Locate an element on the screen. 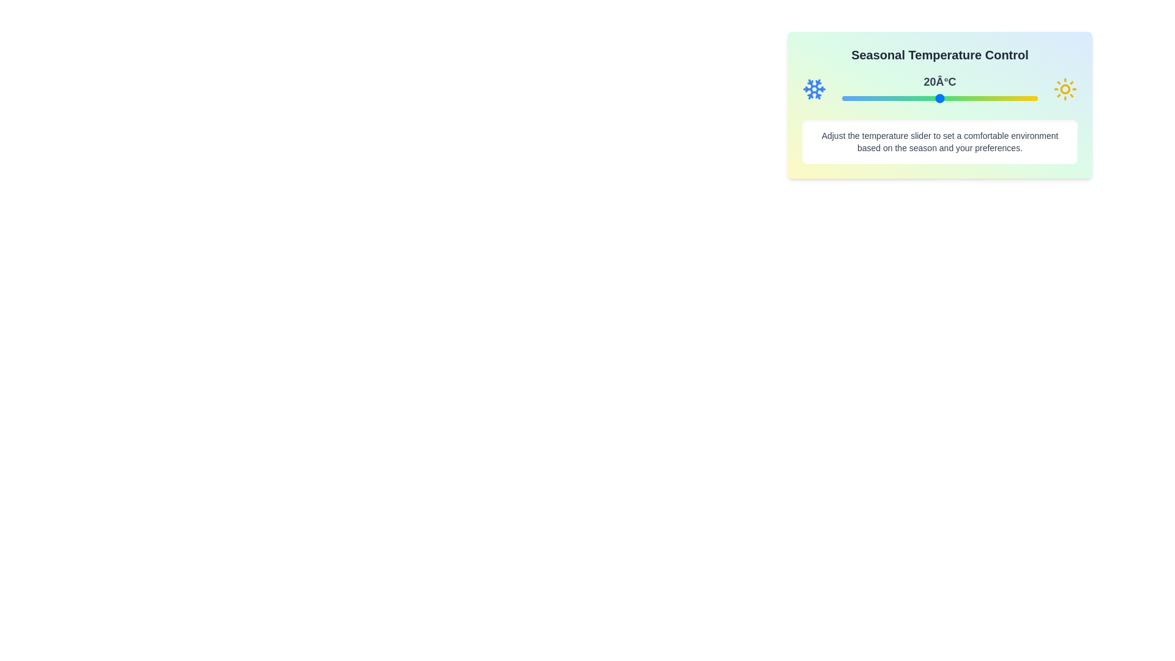 The image size is (1175, 661). the temperature slider to set the temperature to -8°C is located at coordinates (848, 98).